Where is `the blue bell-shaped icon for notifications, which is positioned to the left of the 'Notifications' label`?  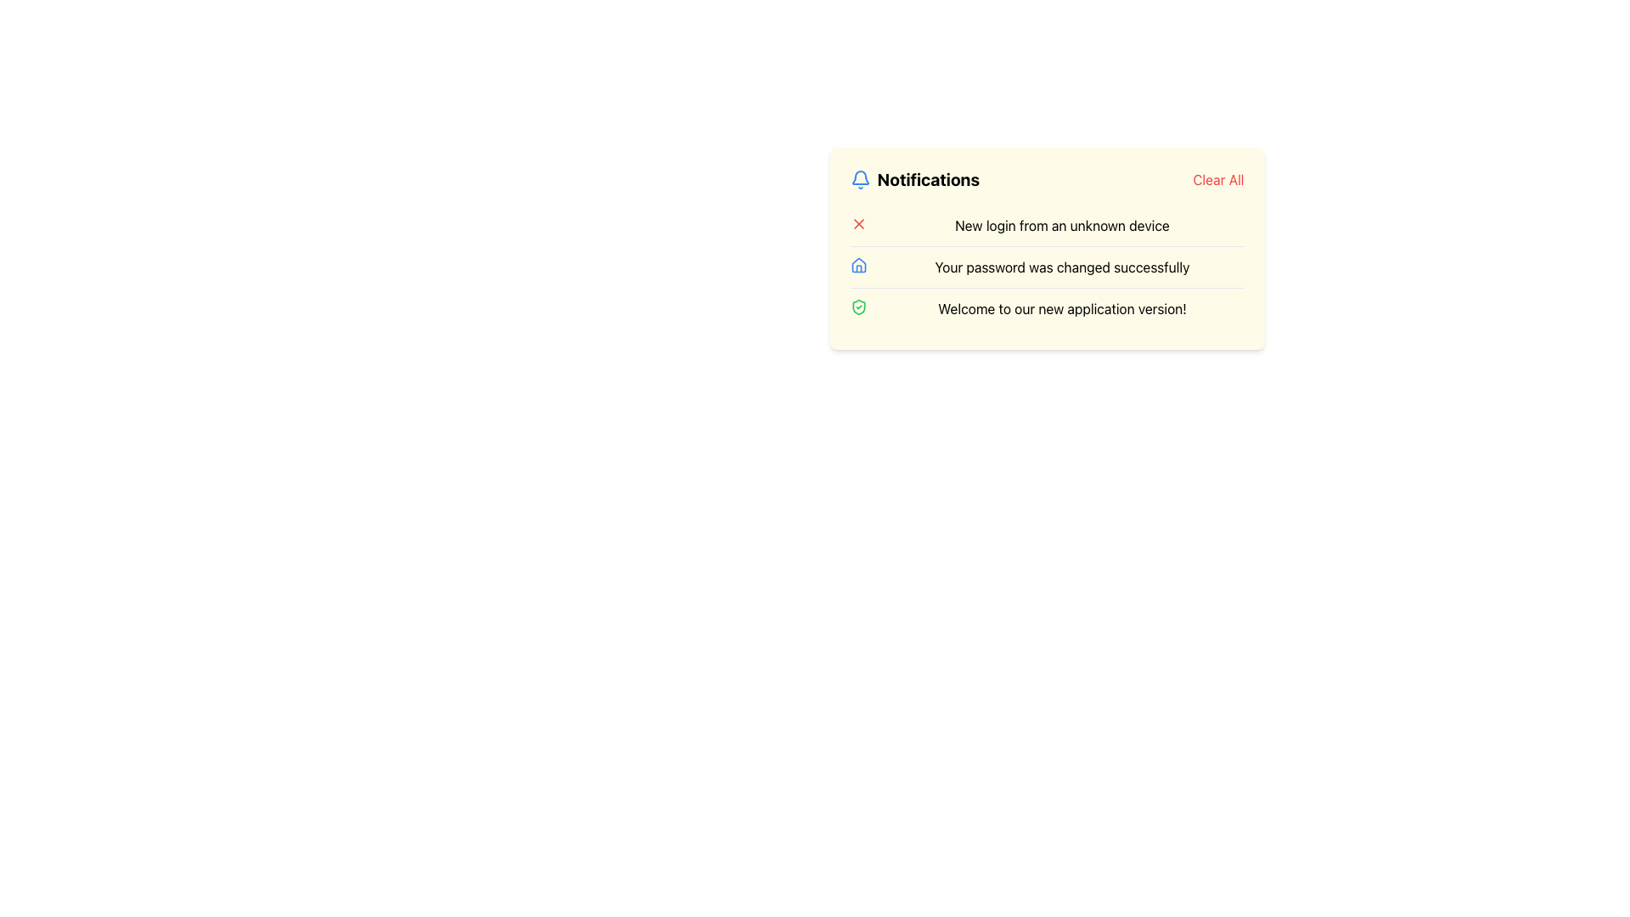
the blue bell-shaped icon for notifications, which is positioned to the left of the 'Notifications' label is located at coordinates (860, 180).